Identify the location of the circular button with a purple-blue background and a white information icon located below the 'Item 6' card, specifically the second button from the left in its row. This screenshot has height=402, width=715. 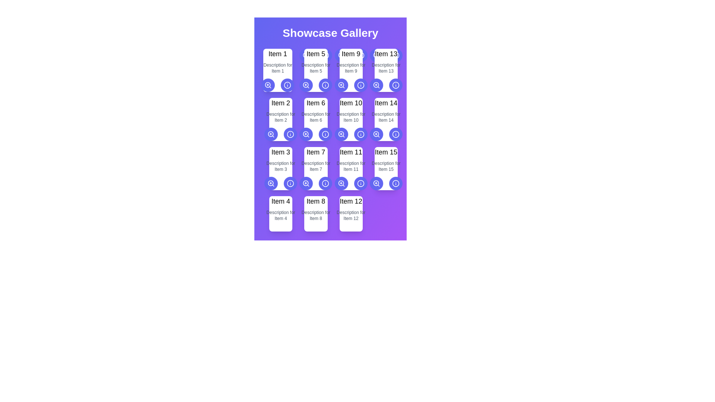
(325, 134).